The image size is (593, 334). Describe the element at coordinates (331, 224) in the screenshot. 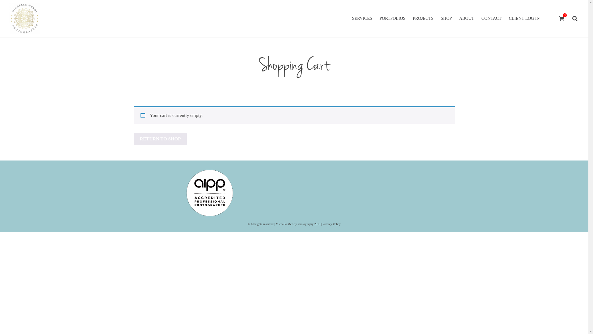

I see `'Privacy Policy'` at that location.